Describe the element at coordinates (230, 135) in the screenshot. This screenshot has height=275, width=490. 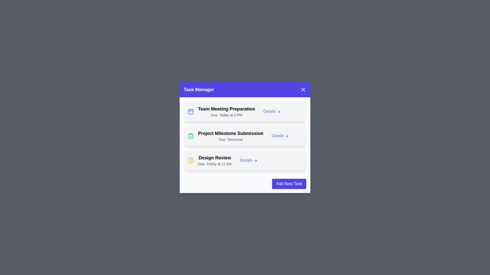
I see `the text element displaying the task name and due date, which is the second task entry in the vertical list, located below 'Team Meeting Preparation' and above 'Design Review'` at that location.